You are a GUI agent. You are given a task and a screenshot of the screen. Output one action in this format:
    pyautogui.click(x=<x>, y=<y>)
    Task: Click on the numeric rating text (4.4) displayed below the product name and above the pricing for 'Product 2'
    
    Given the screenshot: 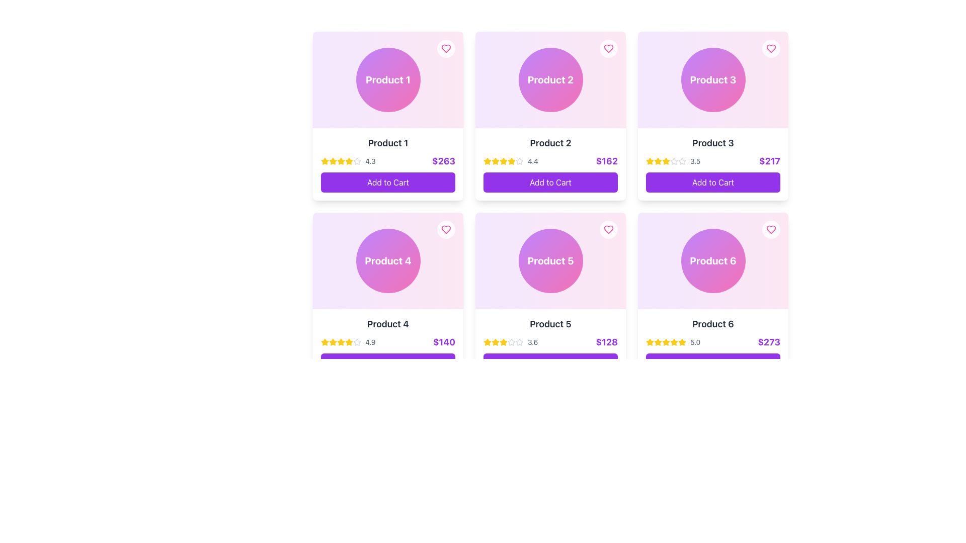 What is the action you would take?
    pyautogui.click(x=532, y=160)
    